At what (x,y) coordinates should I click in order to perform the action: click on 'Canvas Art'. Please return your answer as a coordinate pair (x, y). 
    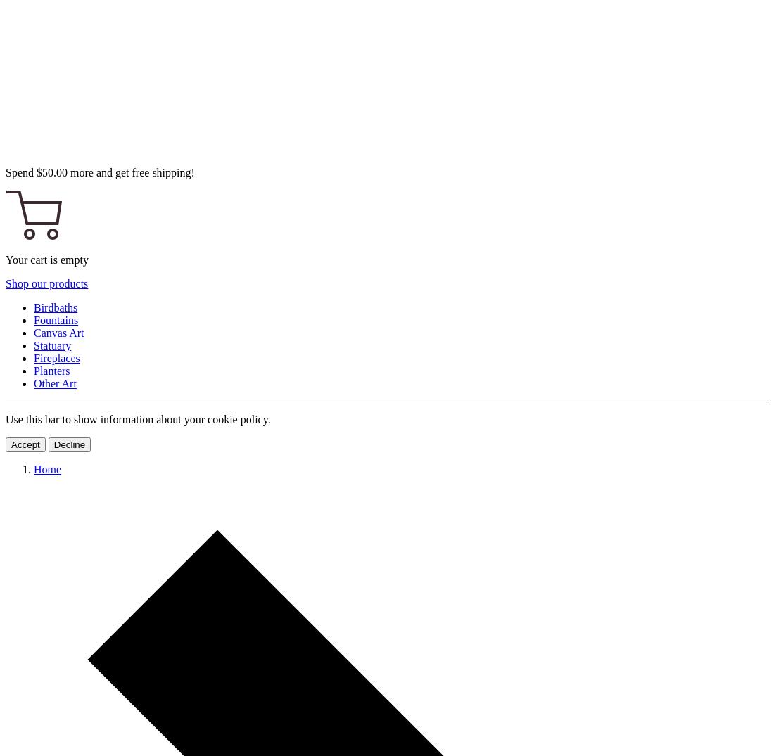
    Looking at the image, I should click on (58, 333).